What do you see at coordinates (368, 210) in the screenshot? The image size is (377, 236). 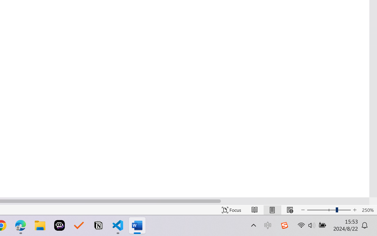 I see `'Zoom 100%'` at bounding box center [368, 210].